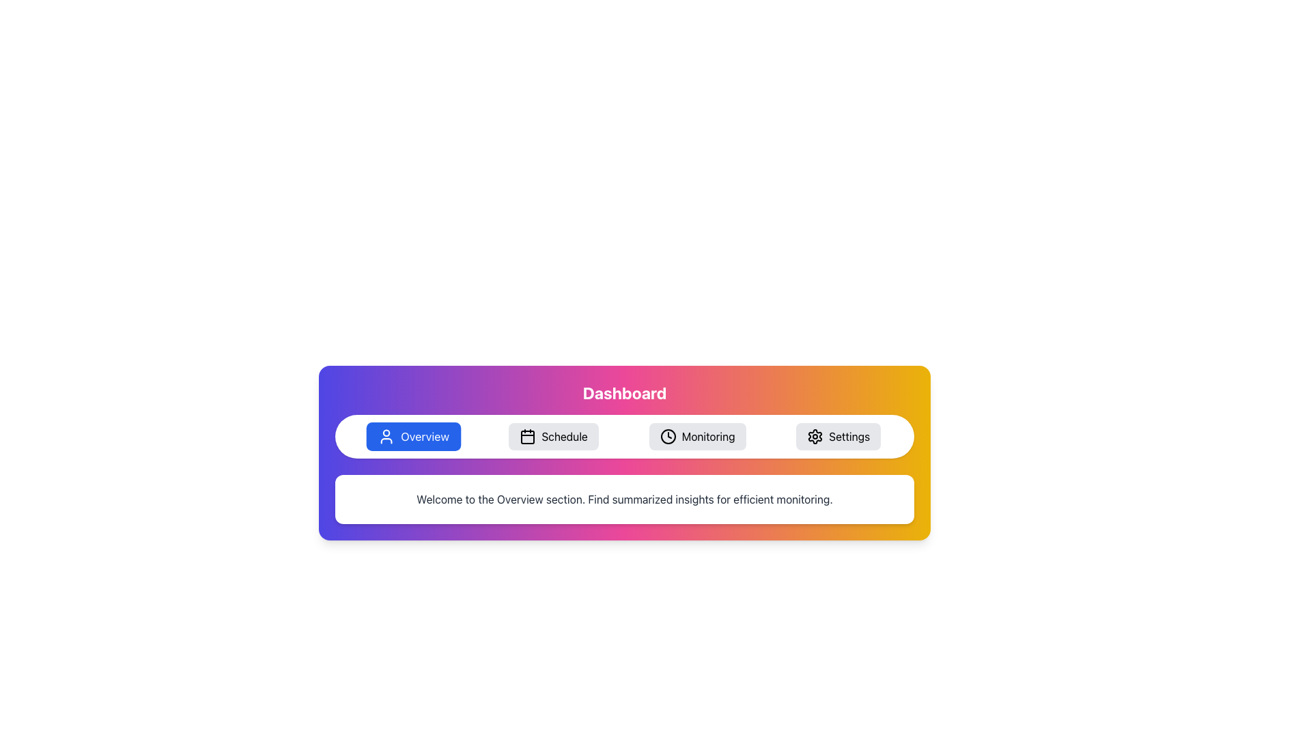  I want to click on the 'Settings' text label in the navigation menu, so click(849, 437).